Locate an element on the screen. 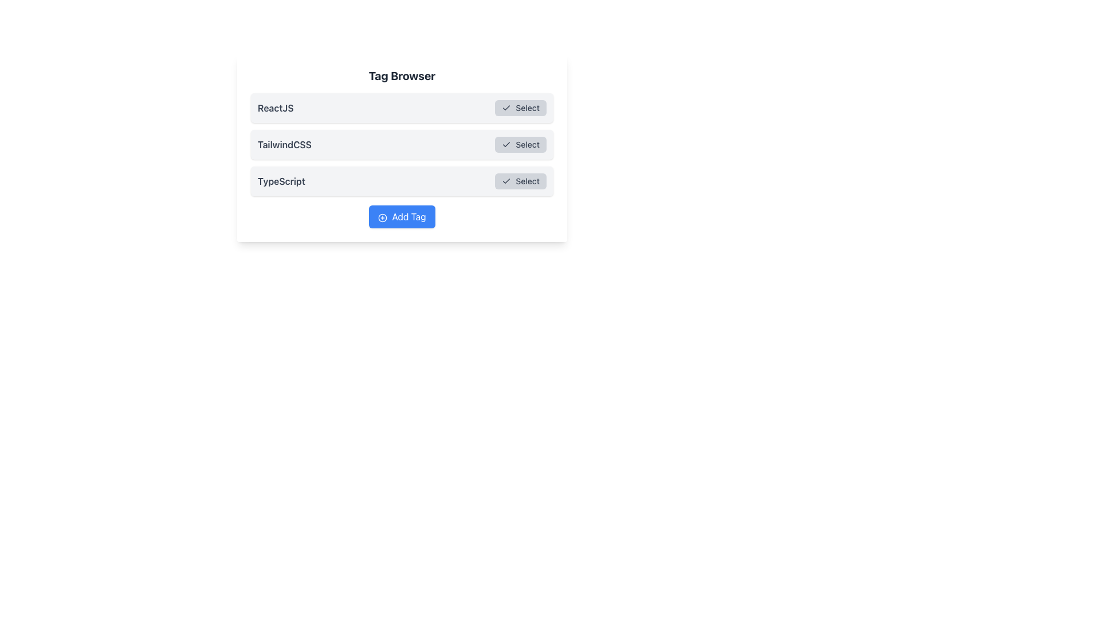  the highlighted row labeled 'TailwindCSS' is located at coordinates (402, 144).